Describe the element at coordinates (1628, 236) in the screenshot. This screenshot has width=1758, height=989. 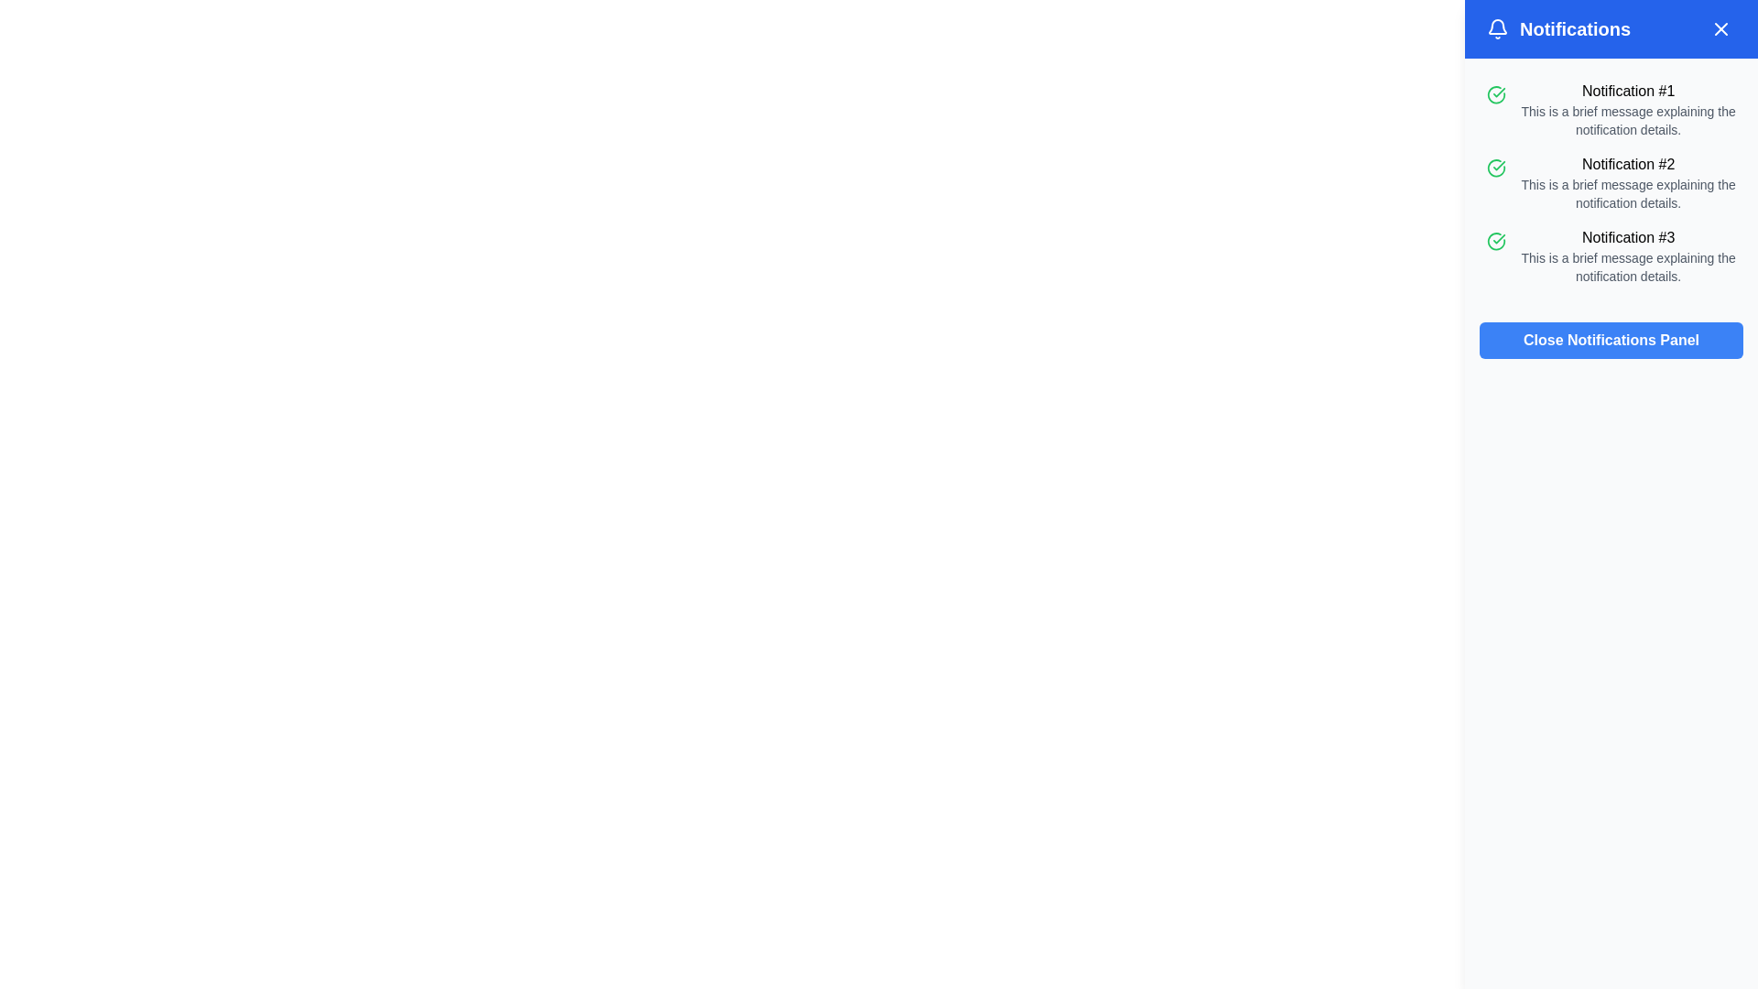
I see `the static text element that serves as the title for the third notification in the right-side panel of the interface` at that location.